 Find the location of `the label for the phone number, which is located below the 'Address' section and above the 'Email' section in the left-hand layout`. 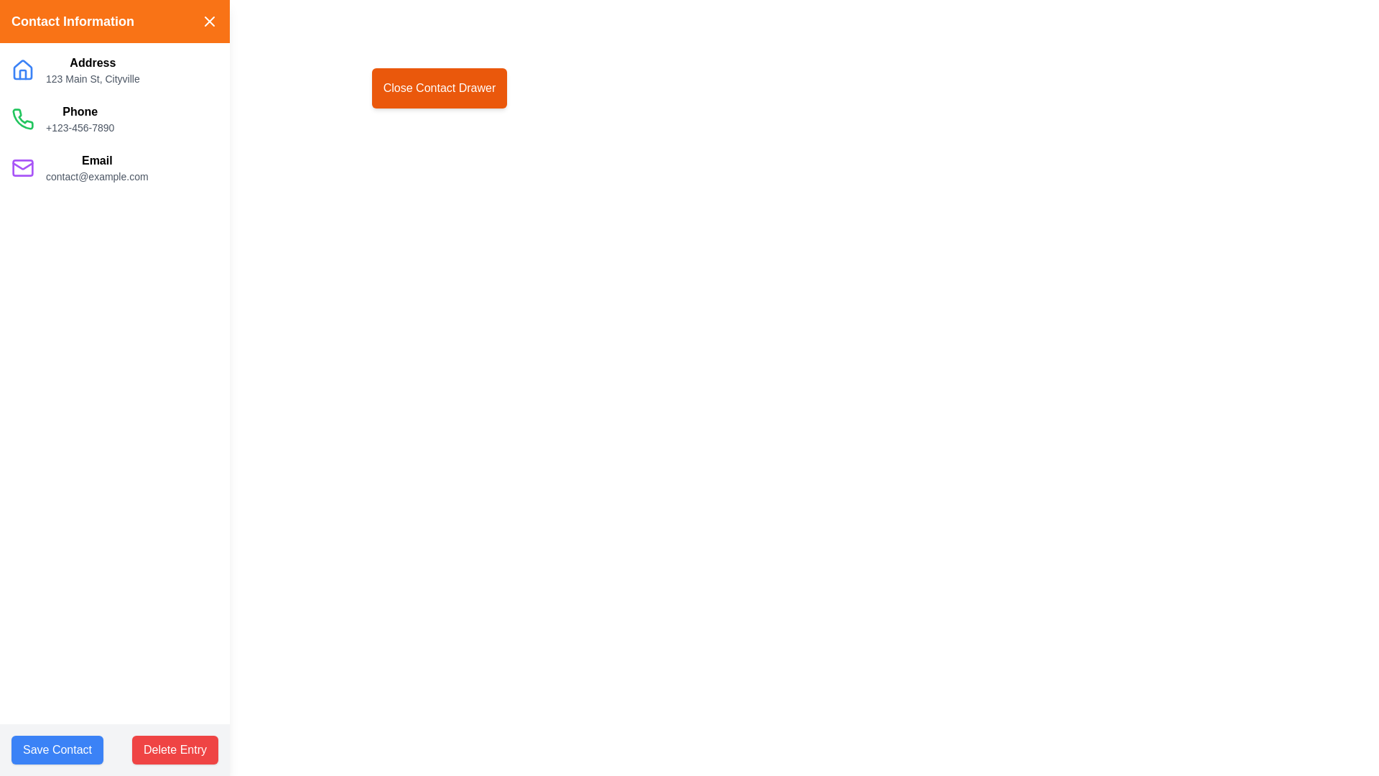

the label for the phone number, which is located below the 'Address' section and above the 'Email' section in the left-hand layout is located at coordinates (79, 111).